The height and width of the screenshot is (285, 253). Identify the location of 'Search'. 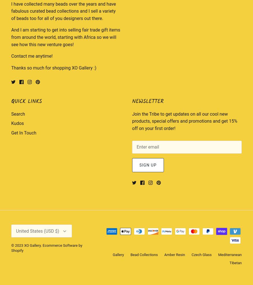
(18, 114).